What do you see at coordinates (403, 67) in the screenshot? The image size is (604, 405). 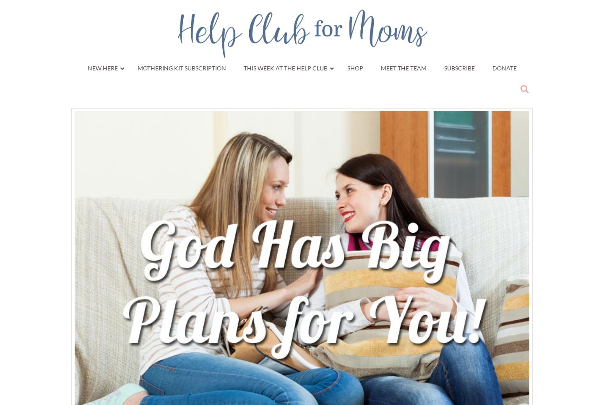 I see `'Meet The Team'` at bounding box center [403, 67].